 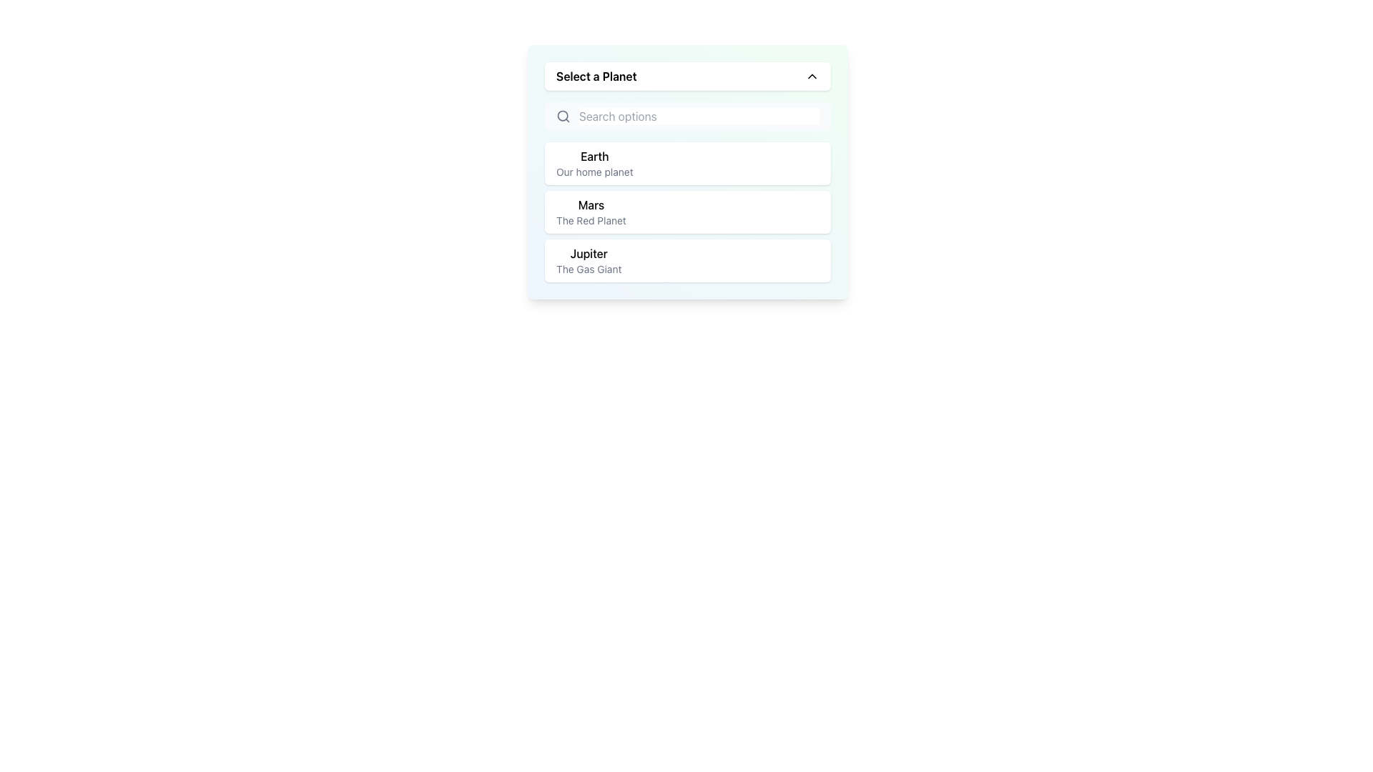 I want to click on the static text label that instructs the user to select an option from the dropdown, which is located in the top section of the dropdown interface, left-aligned to the expandability arrow icon, so click(x=596, y=76).